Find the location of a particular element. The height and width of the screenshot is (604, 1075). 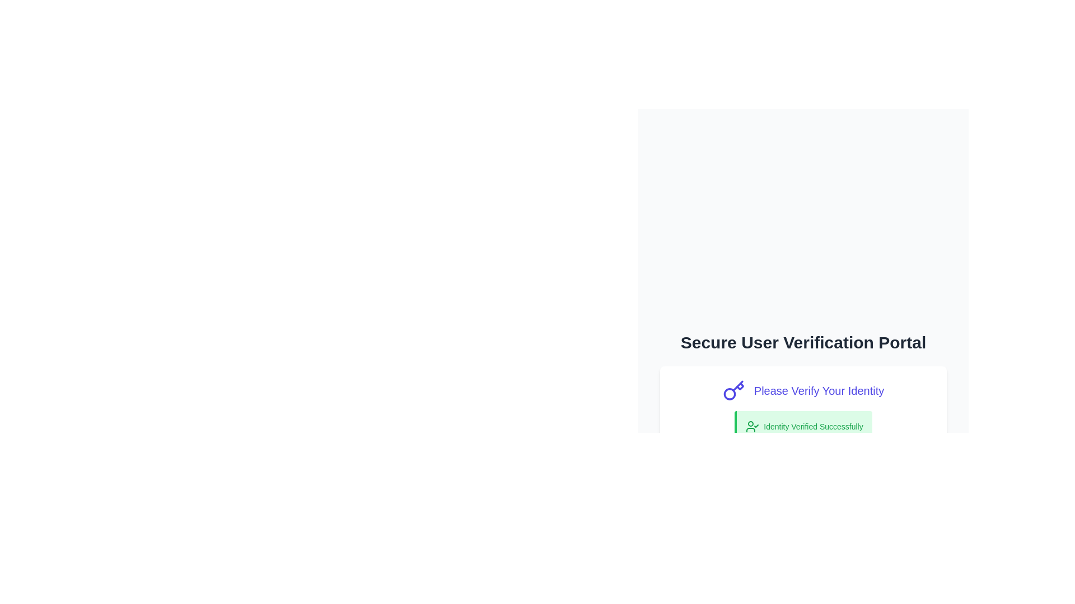

properties of the identity verification icon located at the top-left of the message box indicating 'Identity Verified Successfully.' is located at coordinates (752, 427).